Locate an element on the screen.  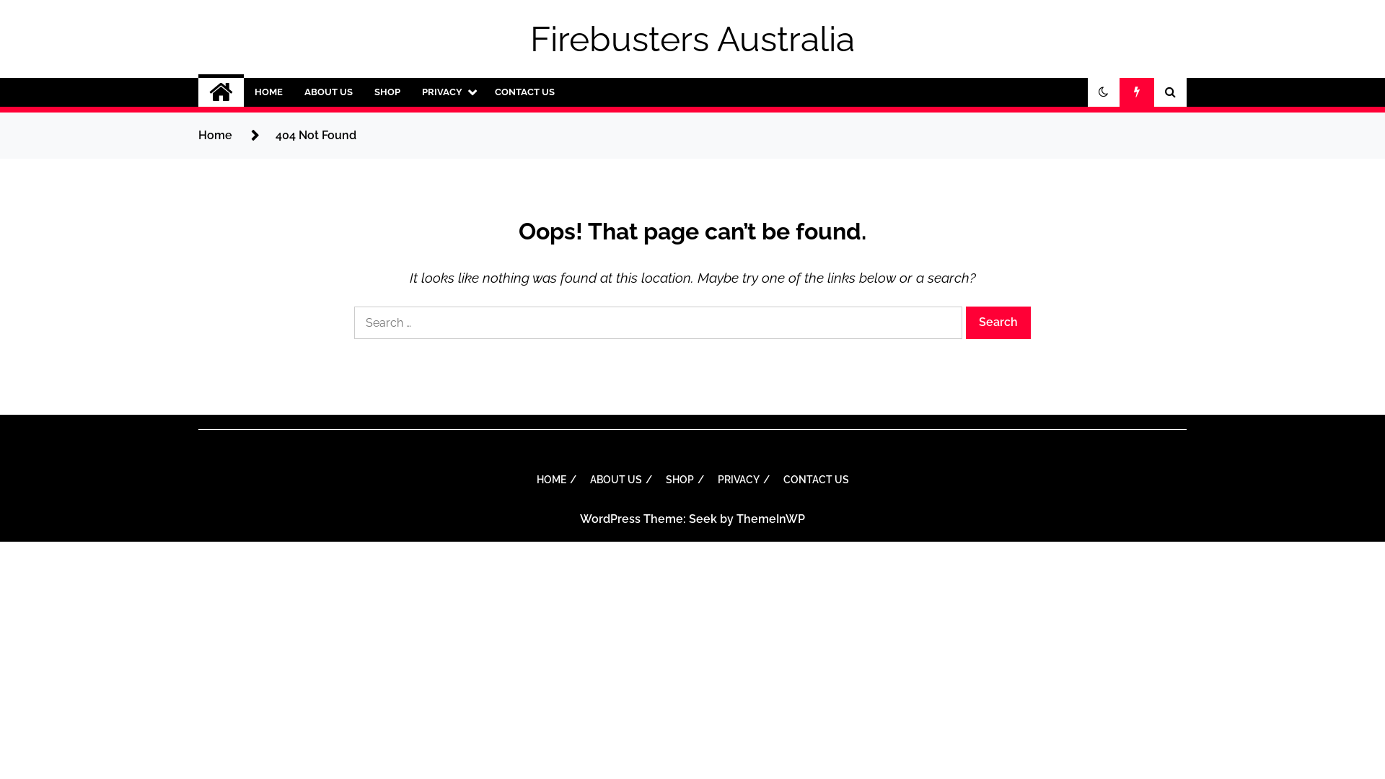
'Home' is located at coordinates (197, 135).